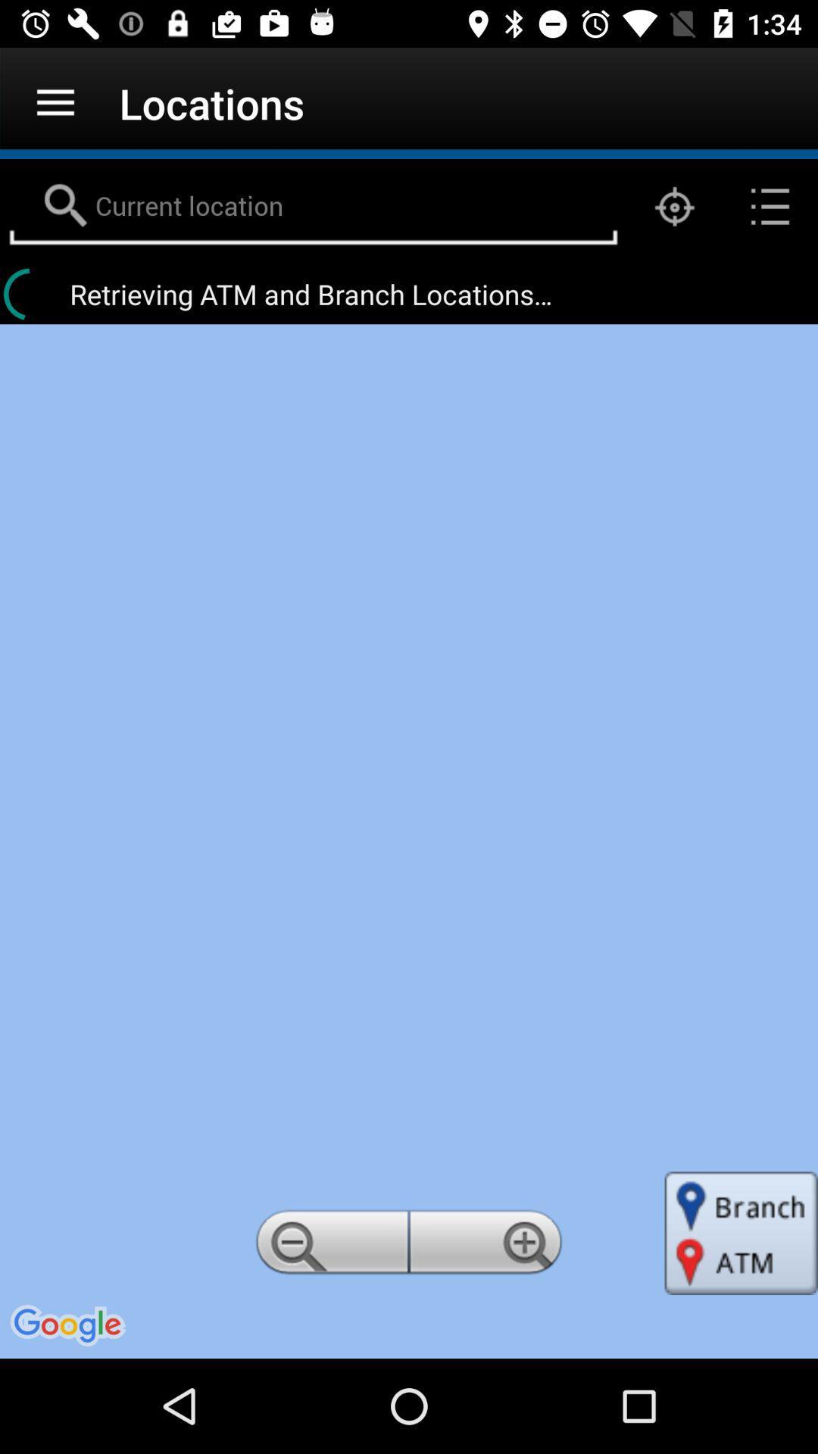 The width and height of the screenshot is (818, 1454). I want to click on the location_crosshair icon, so click(674, 206).